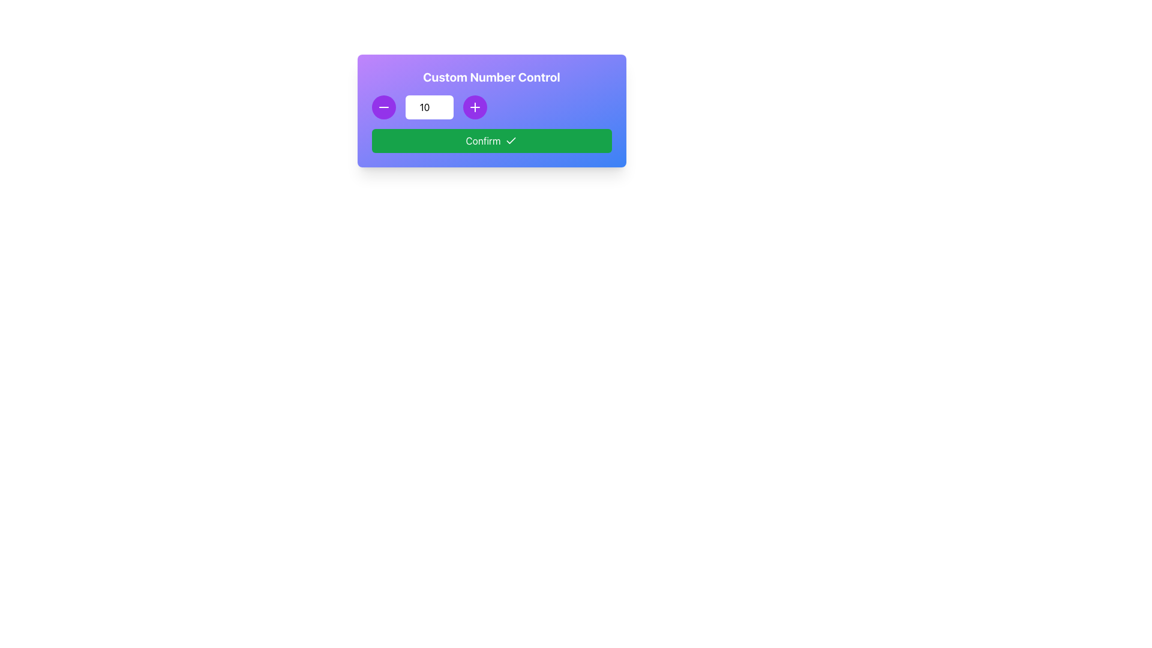 The width and height of the screenshot is (1152, 648). What do you see at coordinates (511, 140) in the screenshot?
I see `the checkmark icon located on the 'Confirm' button, which indicates confirmation or completion of an action` at bounding box center [511, 140].